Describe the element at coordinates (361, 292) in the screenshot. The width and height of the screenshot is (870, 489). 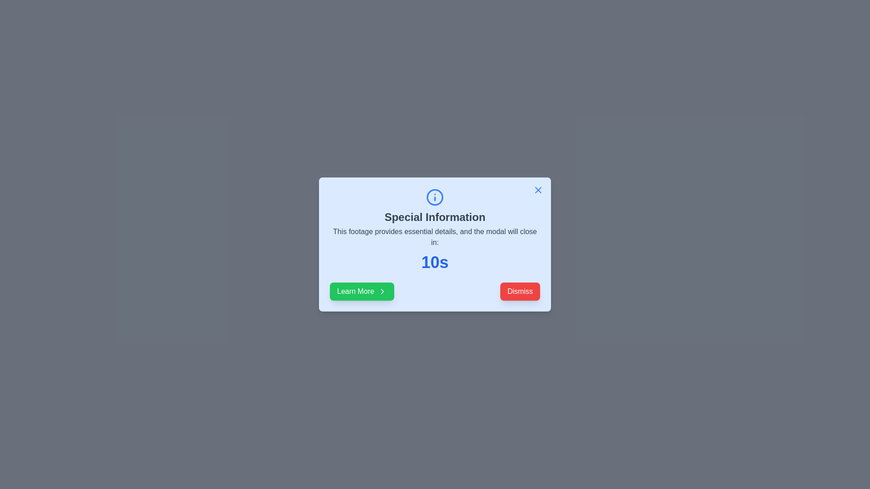
I see `the 'Learn More' button with a green background, white text, and a right-facing chevron icon located in the bottom-left corner of the modal window` at that location.